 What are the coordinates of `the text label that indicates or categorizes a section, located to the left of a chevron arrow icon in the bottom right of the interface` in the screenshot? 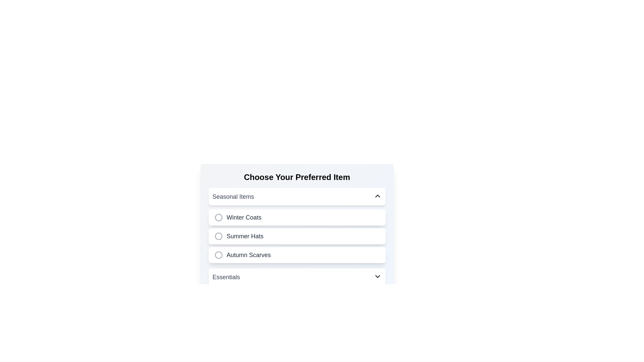 It's located at (226, 277).